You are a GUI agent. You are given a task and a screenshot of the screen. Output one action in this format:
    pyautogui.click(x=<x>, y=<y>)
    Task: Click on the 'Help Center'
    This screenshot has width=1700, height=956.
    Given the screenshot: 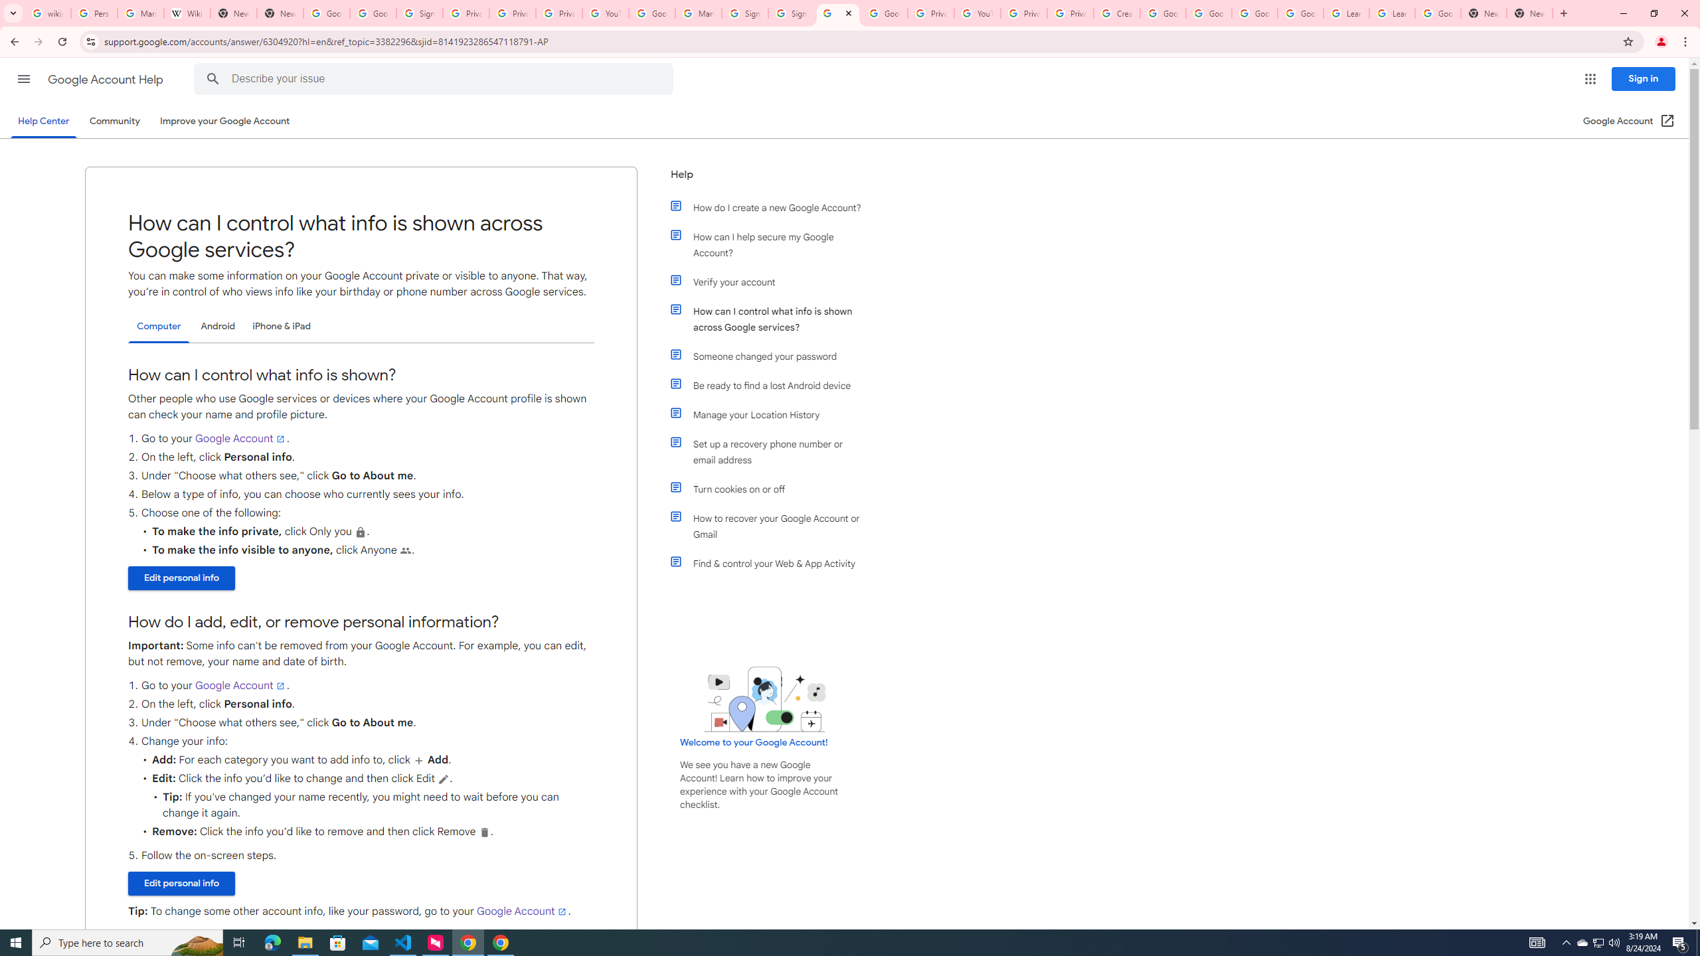 What is the action you would take?
    pyautogui.click(x=43, y=120)
    